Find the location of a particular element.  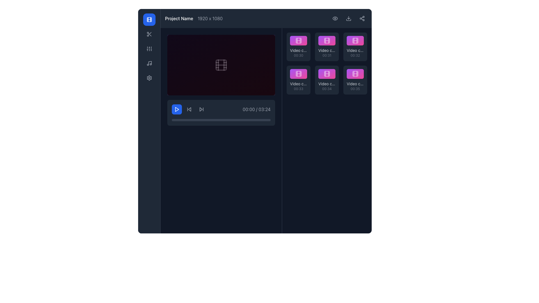

the progress bar is located at coordinates (208, 120).